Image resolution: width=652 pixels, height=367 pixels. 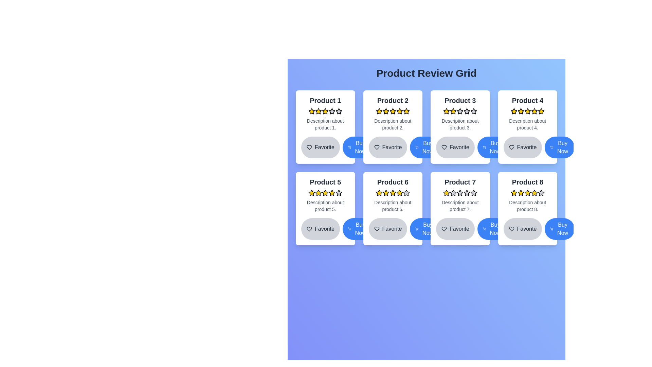 What do you see at coordinates (393, 111) in the screenshot?
I see `the second star icon in the product rating system for 'Product 2'` at bounding box center [393, 111].